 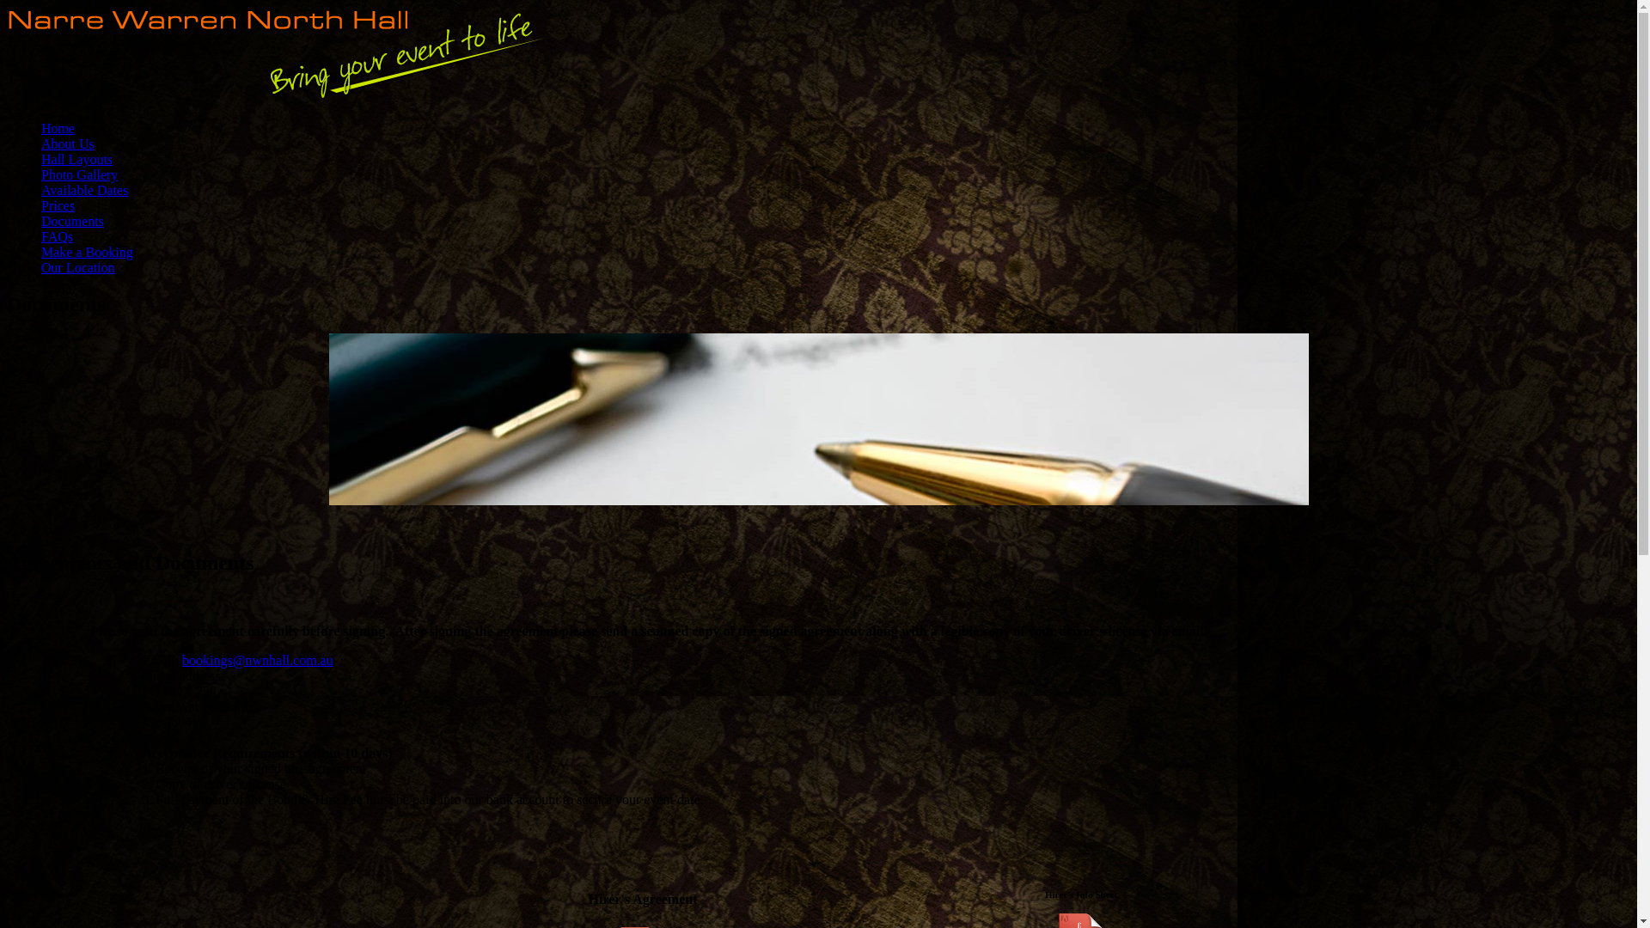 I want to click on 'bookings@nwnhall.com.au', so click(x=256, y=659).